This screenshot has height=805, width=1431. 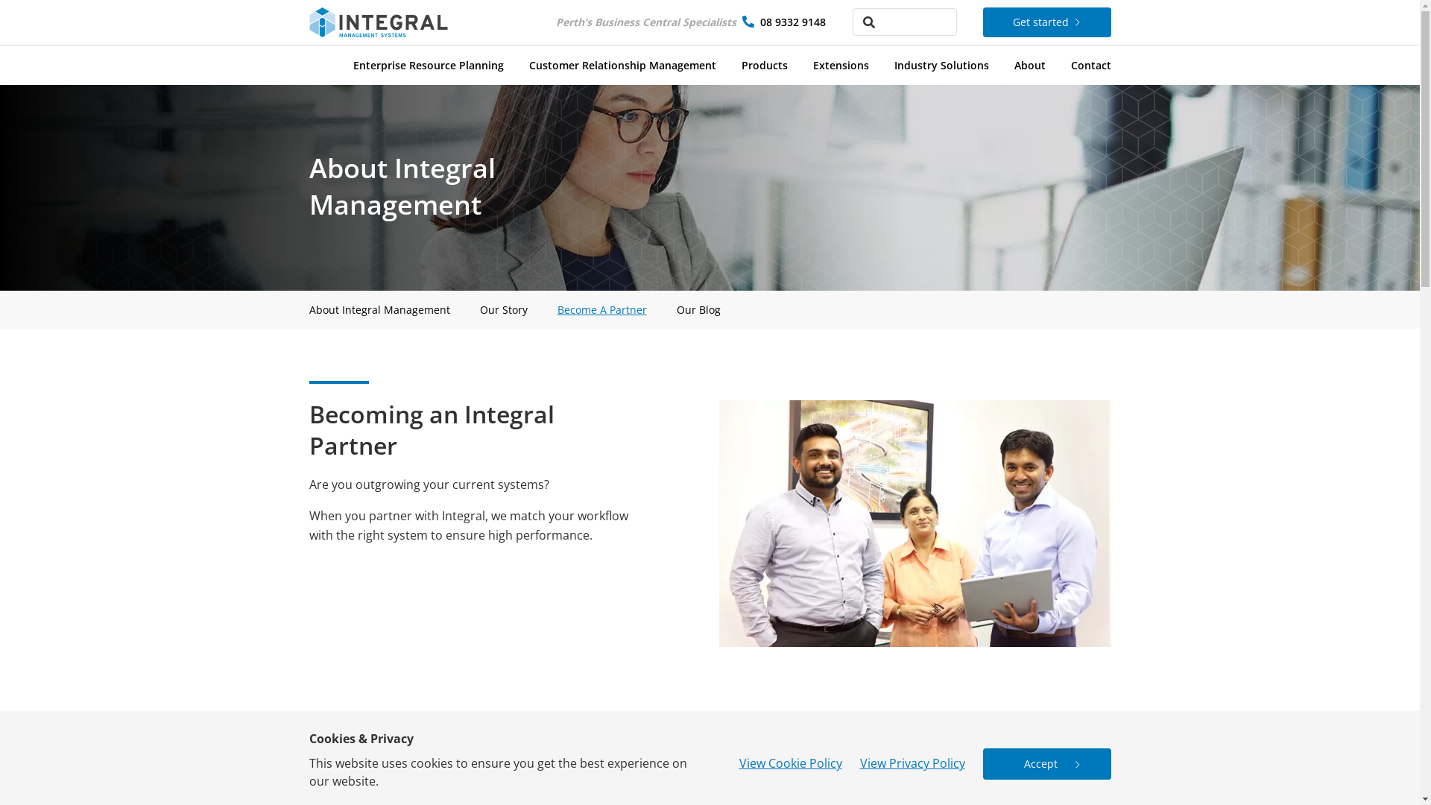 What do you see at coordinates (789, 763) in the screenshot?
I see `'View Cookie Policy'` at bounding box center [789, 763].